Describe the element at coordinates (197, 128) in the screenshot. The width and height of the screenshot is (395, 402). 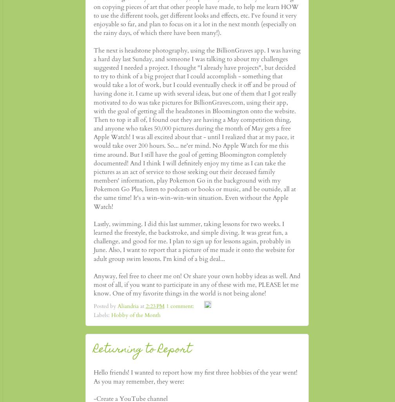
I see `'The next is headstone photography, using the BillionGraves app. I was having a hard day last Sunday, and someone I was talking to about my challenges suggested I needed a project. I thought "I already have projects", but decided to try to think of a big project that I could accomplish - something that would take a lot of work, but I could eventually check it off and be proud of having done it. I came up with several ideas, but one of them that I got really motivated to do was take pictures for BillionGraves.com, using their app, with the goal of getting all the headstones in Bloomington onto the website. Then to top it all of, I found out they are having a May competition thing, and anyone who takes 50,000 pictures during the month of May gets a free Apple Watch! I was all excited about that - until I realized that at my pace, it would take over 200 hours. So... ne'er mind. No Apple Watch for me this time around. But I still have the goal of getting Bloomington completely documented! And I think I will definitely enjoy my time as I can take the pictures as an act of service to those seeking out their deceased family members' information, play Pokemon Go in the background with my Pokemon Go Plus, listen to podcasts or books or music, and be outside, all at the same time! It's a win-win-win-win situation. Even without the Apple Watch!'` at that location.